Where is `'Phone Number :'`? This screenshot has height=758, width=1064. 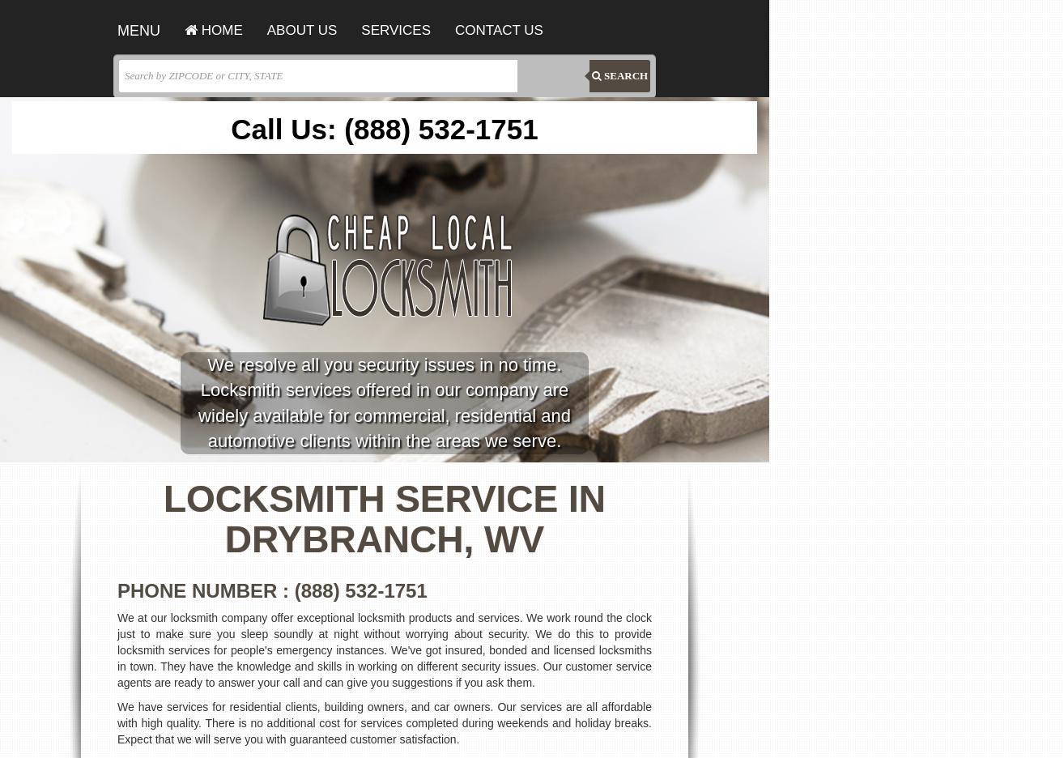 'Phone Number :' is located at coordinates (205, 589).